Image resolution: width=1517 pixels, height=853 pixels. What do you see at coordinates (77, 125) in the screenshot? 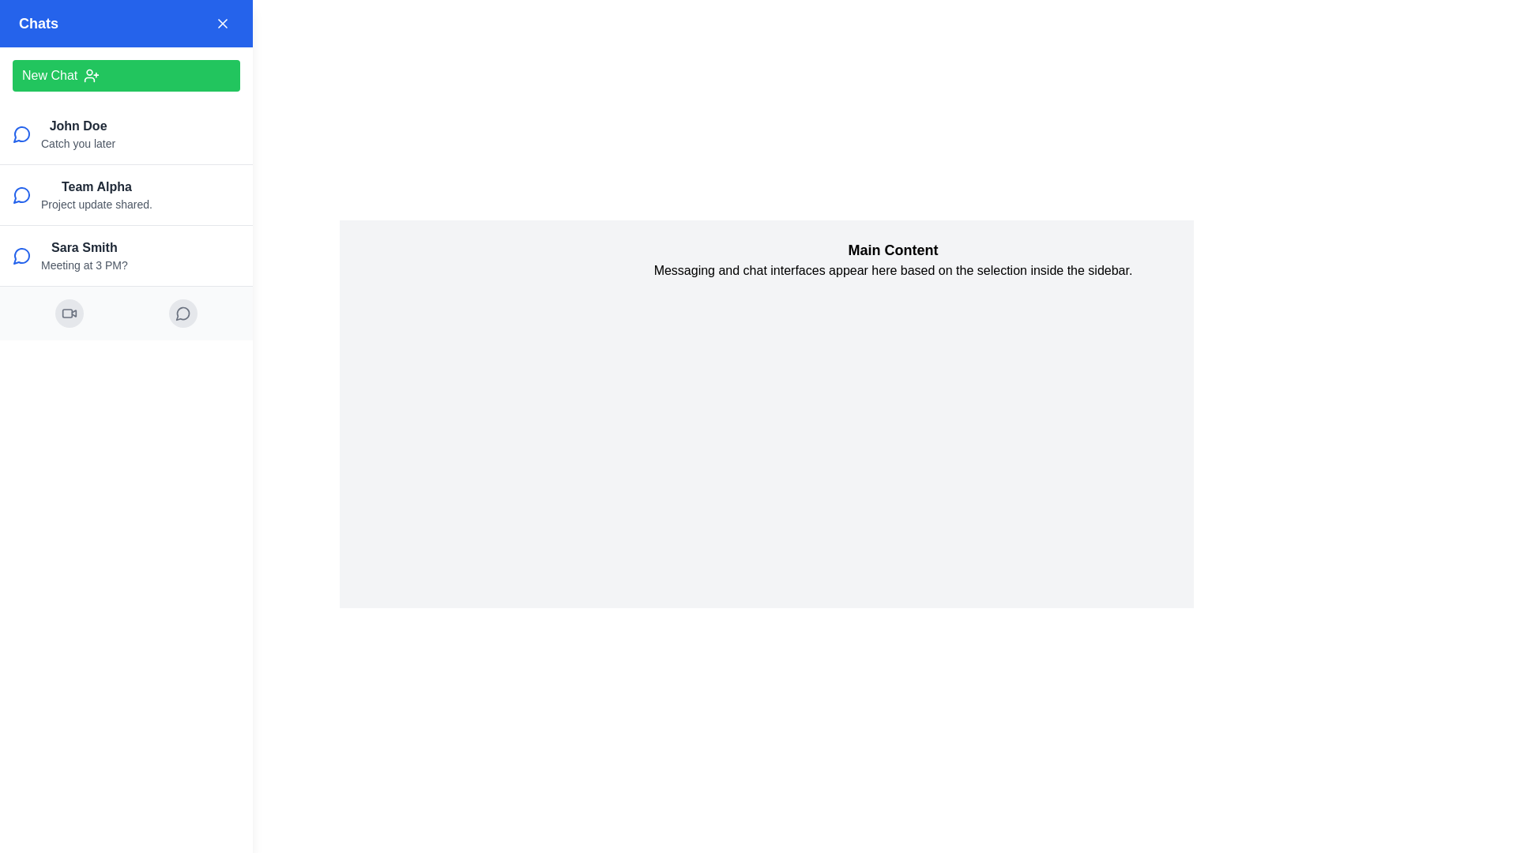
I see `the text label displaying 'John Doe', which is located in the left sidebar of the application, just under the green 'New Chat' button` at bounding box center [77, 125].